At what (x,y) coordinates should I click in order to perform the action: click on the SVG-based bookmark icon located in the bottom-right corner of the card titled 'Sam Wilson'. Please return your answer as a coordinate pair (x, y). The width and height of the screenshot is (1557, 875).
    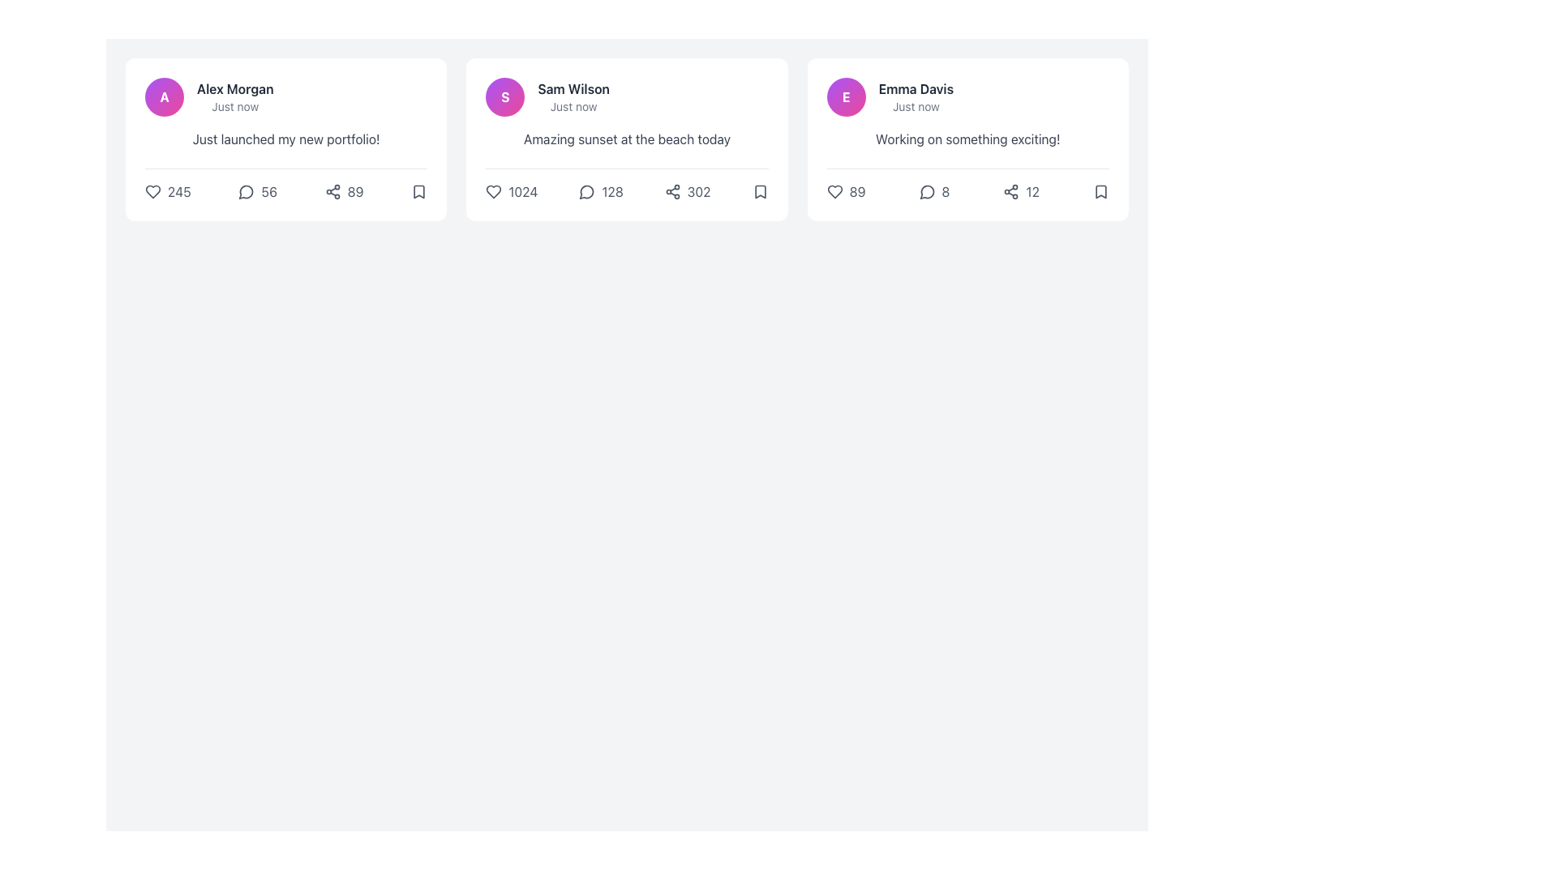
    Looking at the image, I should click on (759, 190).